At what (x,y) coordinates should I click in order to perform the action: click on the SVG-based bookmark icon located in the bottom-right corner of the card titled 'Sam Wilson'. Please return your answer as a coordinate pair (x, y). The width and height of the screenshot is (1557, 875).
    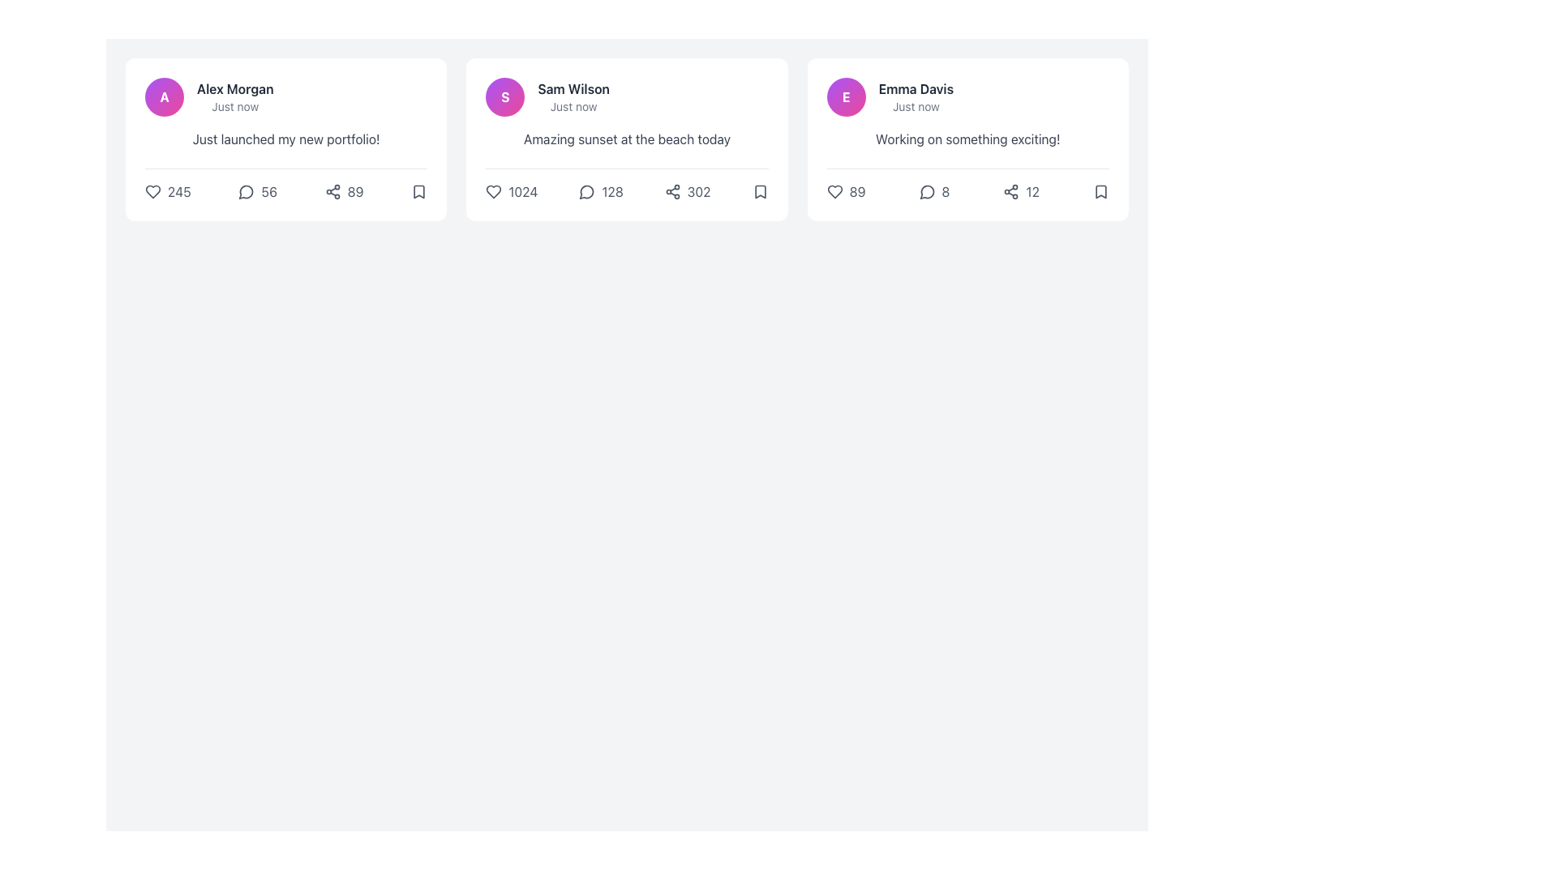
    Looking at the image, I should click on (759, 190).